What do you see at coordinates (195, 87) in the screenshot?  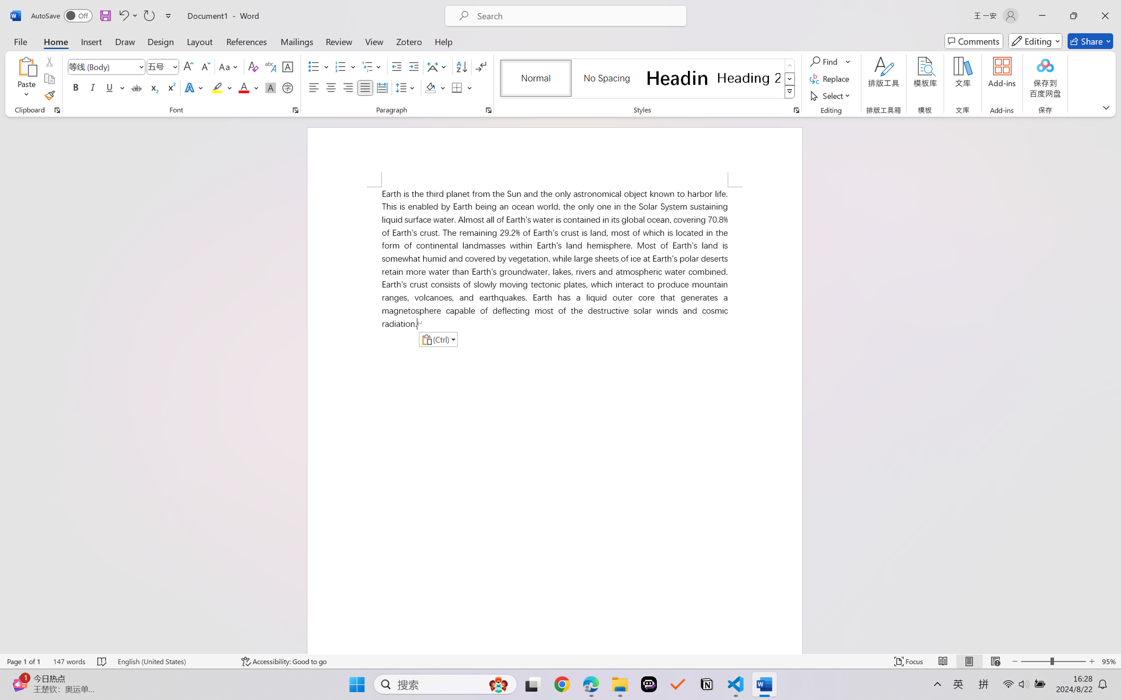 I see `'Text Effects and Typography'` at bounding box center [195, 87].